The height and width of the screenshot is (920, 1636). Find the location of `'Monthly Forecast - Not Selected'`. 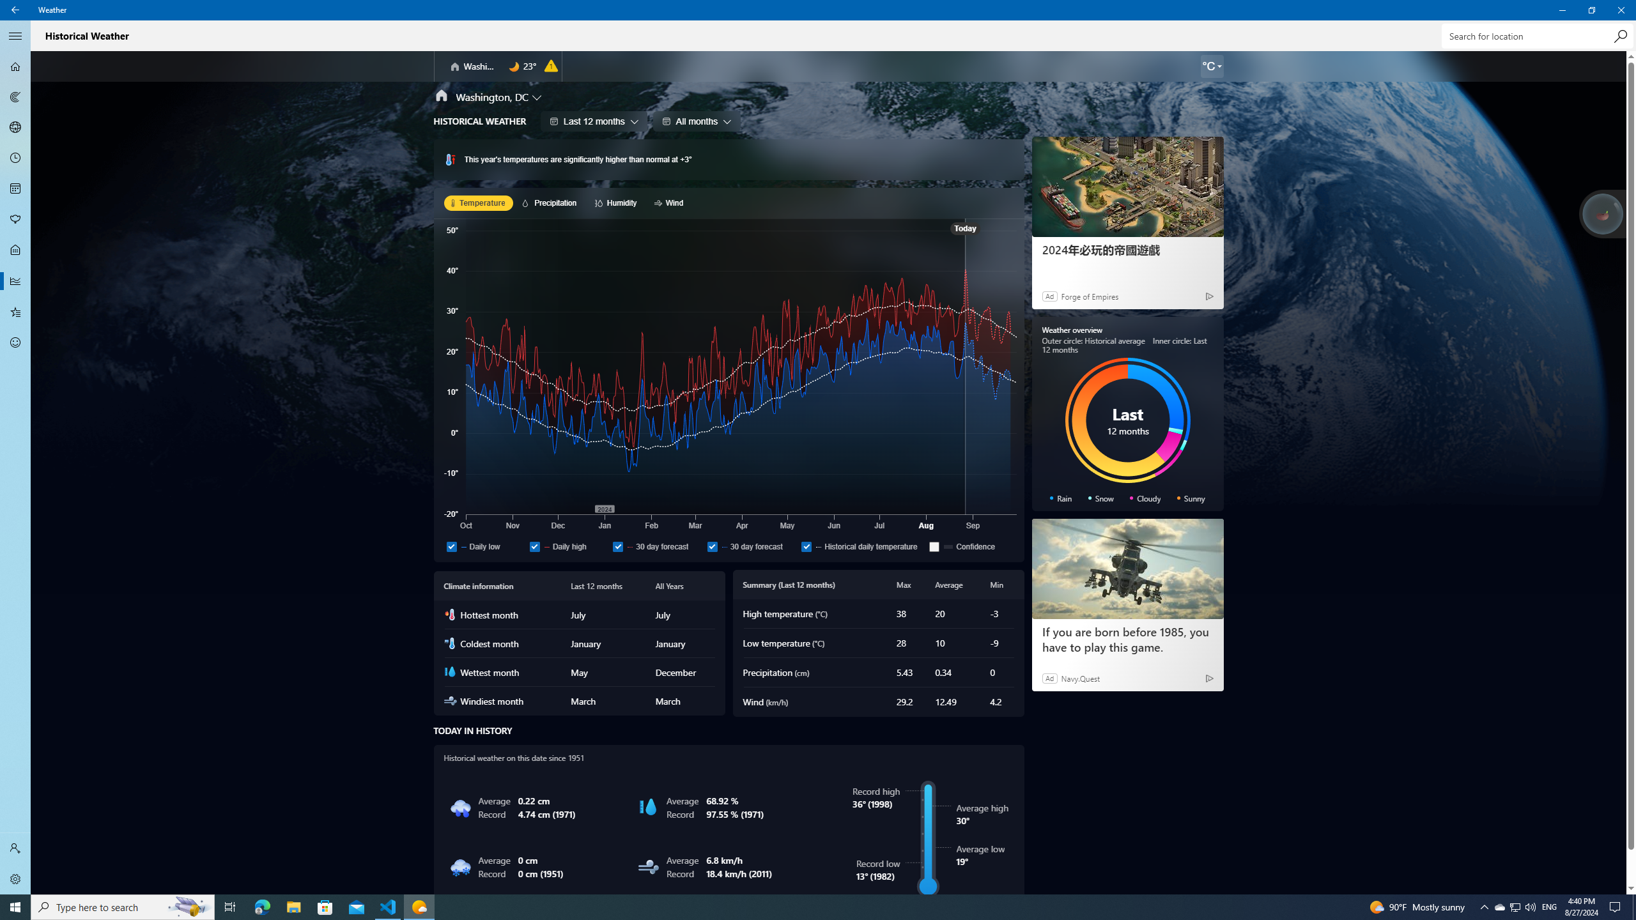

'Monthly Forecast - Not Selected' is located at coordinates (15, 188).